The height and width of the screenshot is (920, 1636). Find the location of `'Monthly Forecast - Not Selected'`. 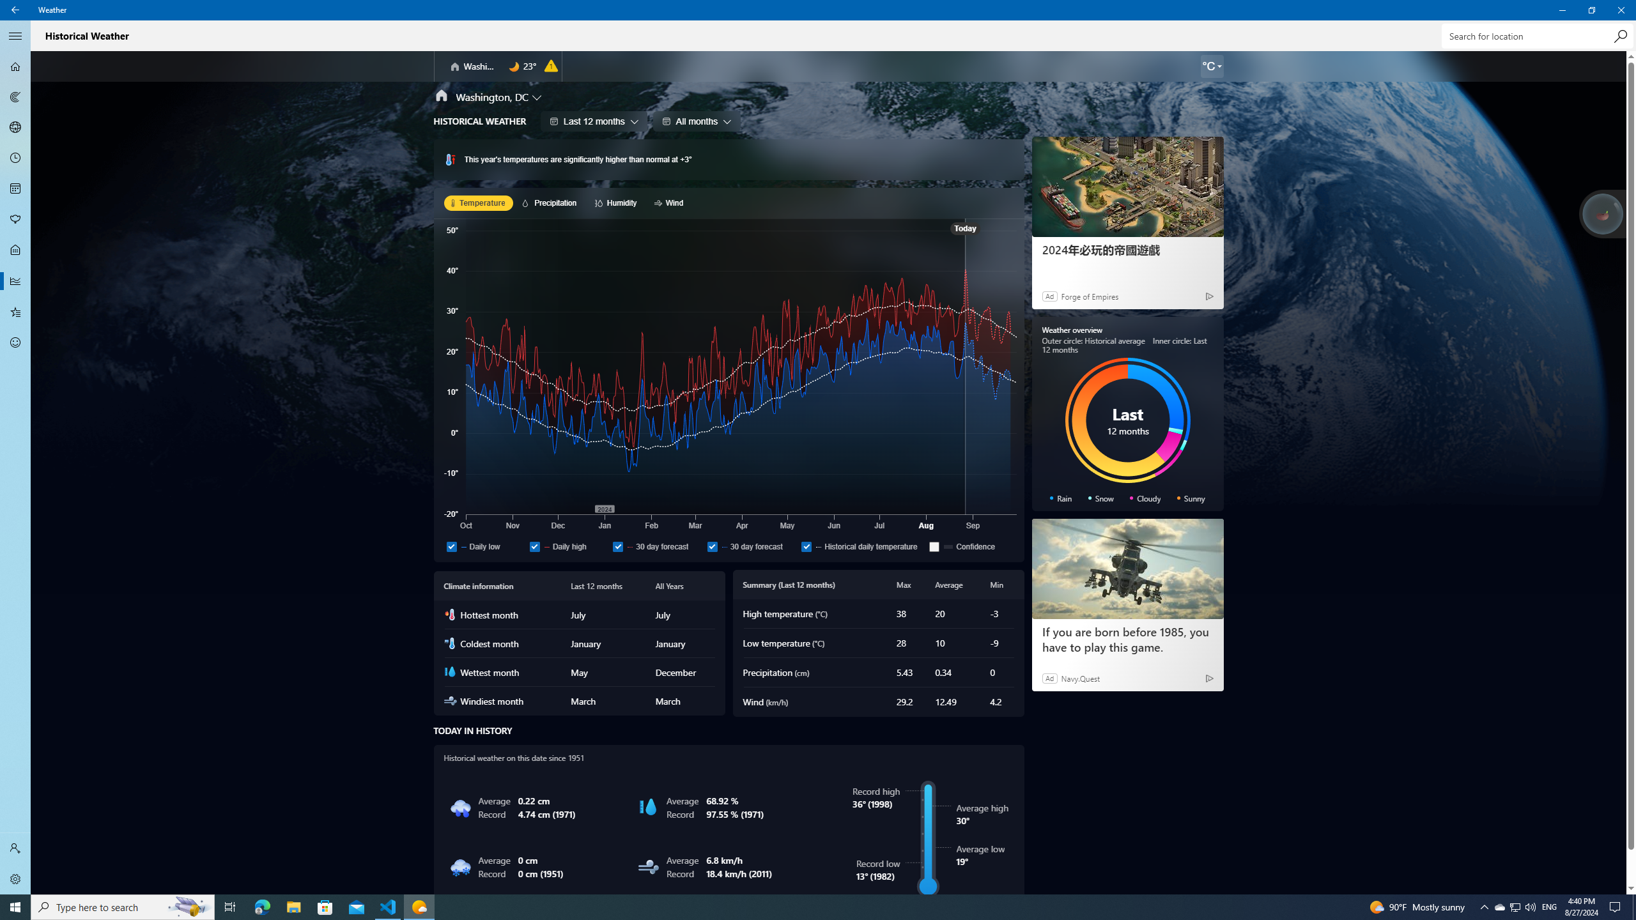

'Monthly Forecast - Not Selected' is located at coordinates (15, 188).